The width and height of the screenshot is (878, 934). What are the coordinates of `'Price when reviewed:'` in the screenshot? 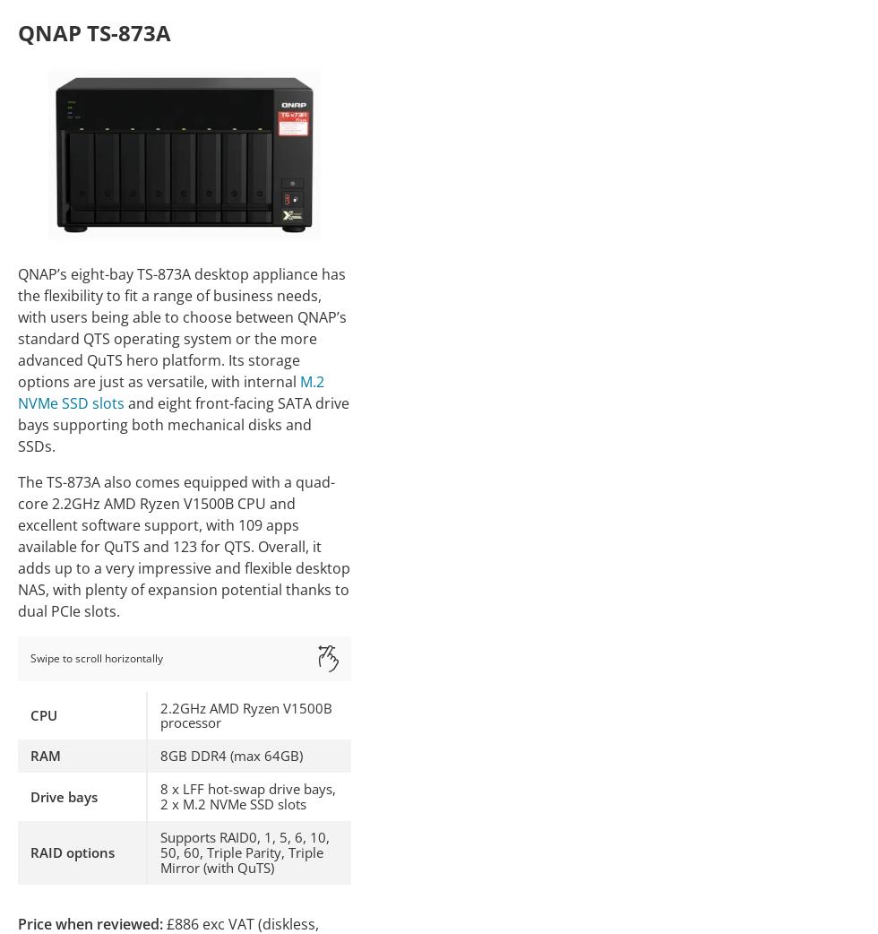 It's located at (17, 923).